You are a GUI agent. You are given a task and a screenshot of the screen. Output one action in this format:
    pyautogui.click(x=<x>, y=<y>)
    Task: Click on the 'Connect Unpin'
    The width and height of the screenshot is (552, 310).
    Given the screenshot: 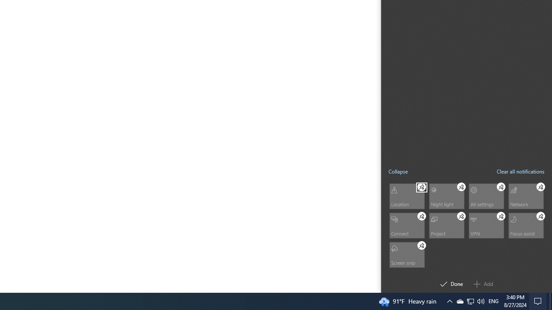 What is the action you would take?
    pyautogui.click(x=421, y=215)
    